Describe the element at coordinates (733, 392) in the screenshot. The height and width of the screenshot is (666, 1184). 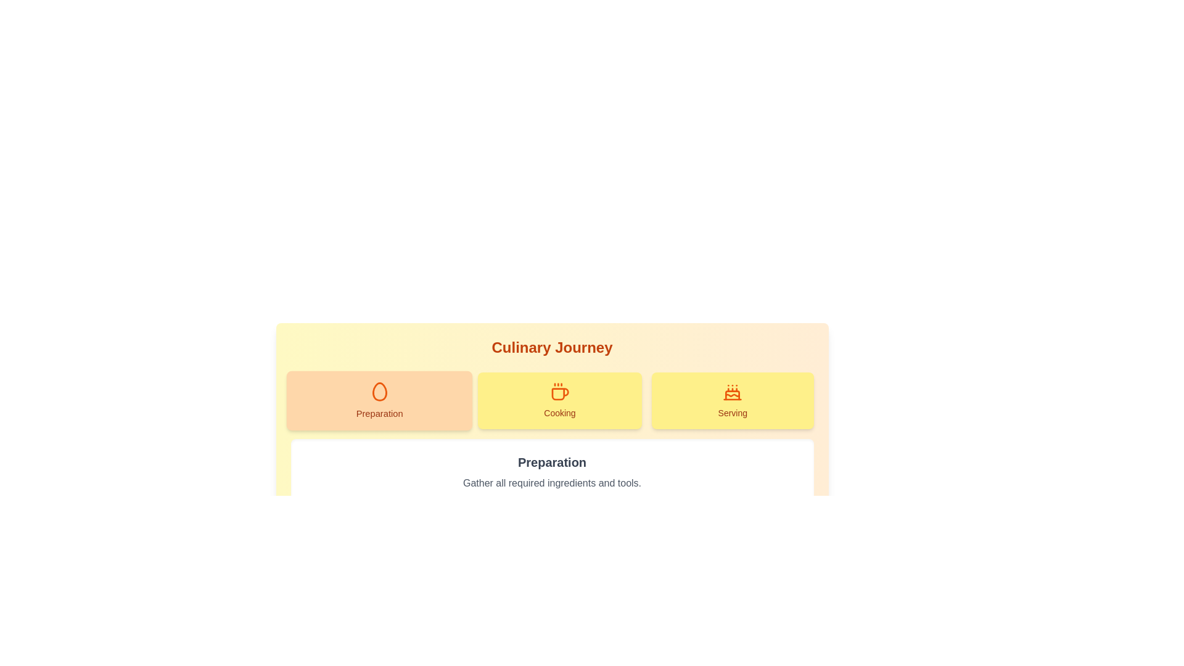
I see `the decorative icon that symbolizes the 'Serving' concept, located inside the third card from the left in a three-card layout` at that location.